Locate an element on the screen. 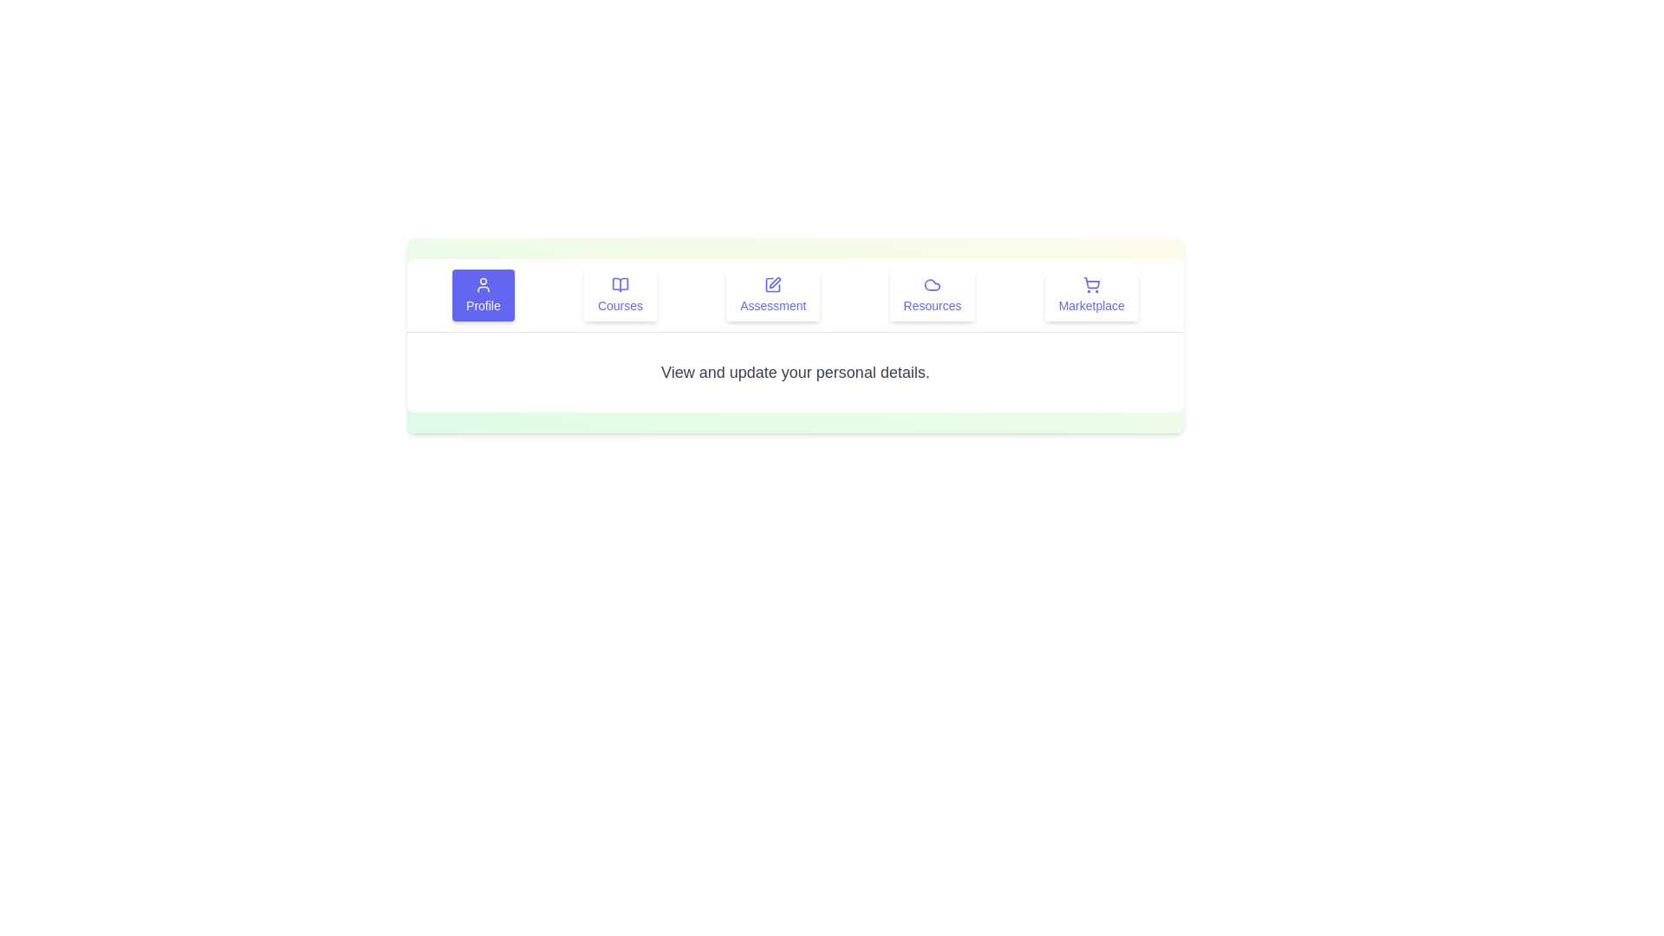  the navigational button located in the horizontal navigation bar, which is the second button from the left is located at coordinates (620, 294).